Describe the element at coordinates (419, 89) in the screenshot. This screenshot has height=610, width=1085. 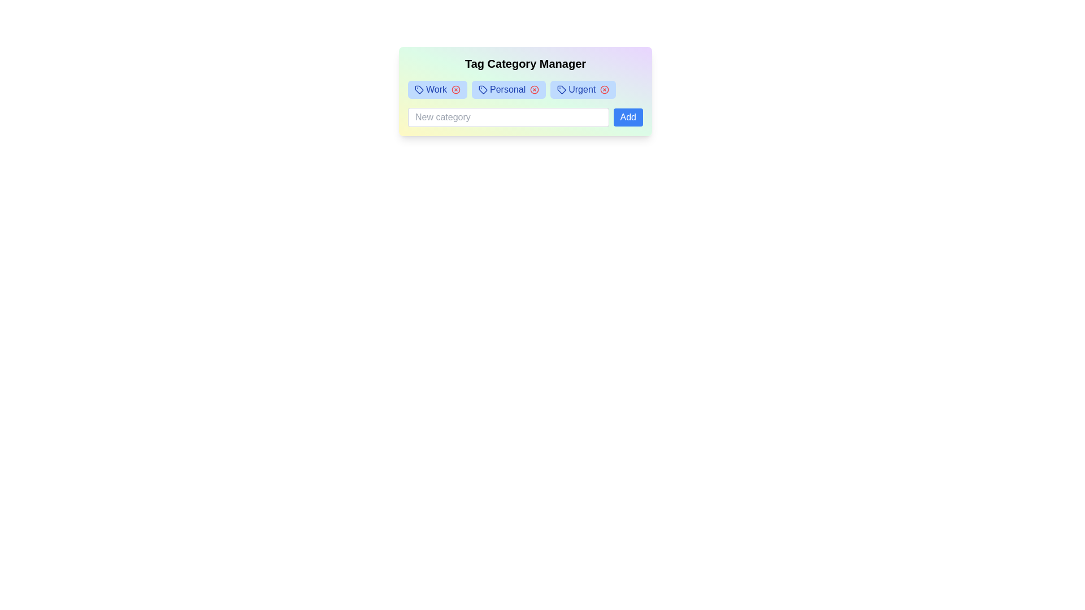
I see `the tag icon representing the 'Work' category, which is the first icon in the tag options of the 'Tag Category Manager' card` at that location.